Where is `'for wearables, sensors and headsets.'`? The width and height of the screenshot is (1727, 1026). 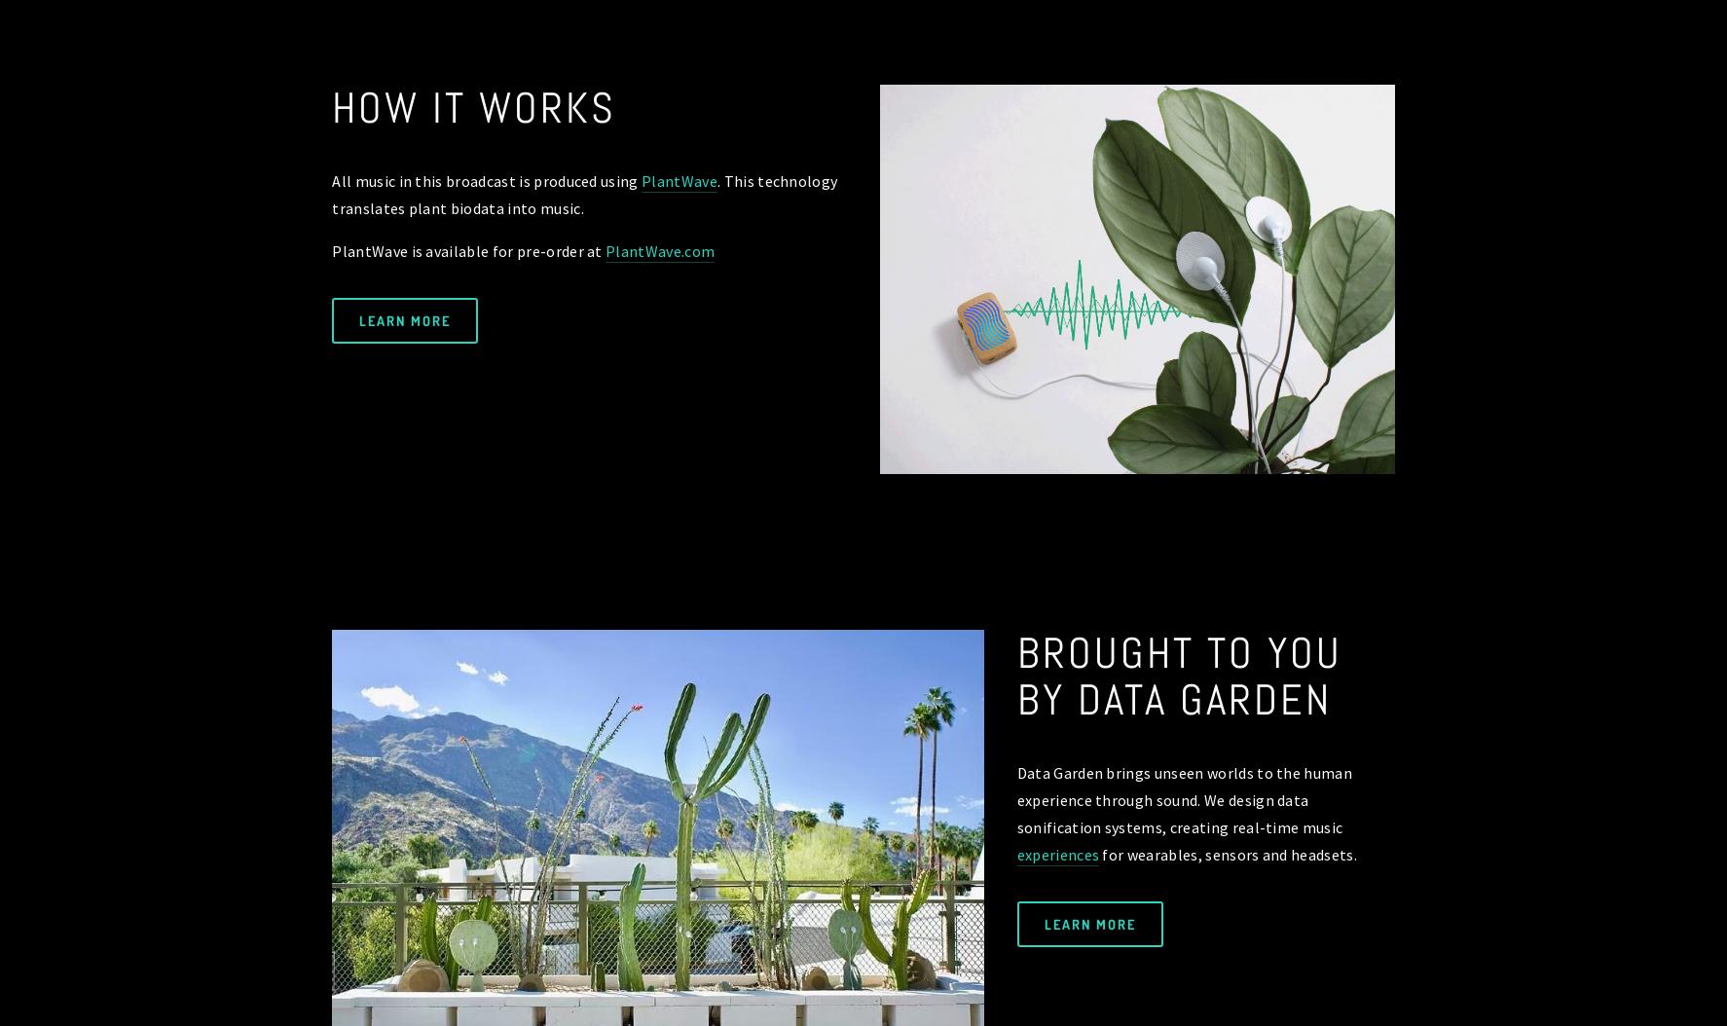 'for wearables, sensors and headsets.' is located at coordinates (1227, 854).